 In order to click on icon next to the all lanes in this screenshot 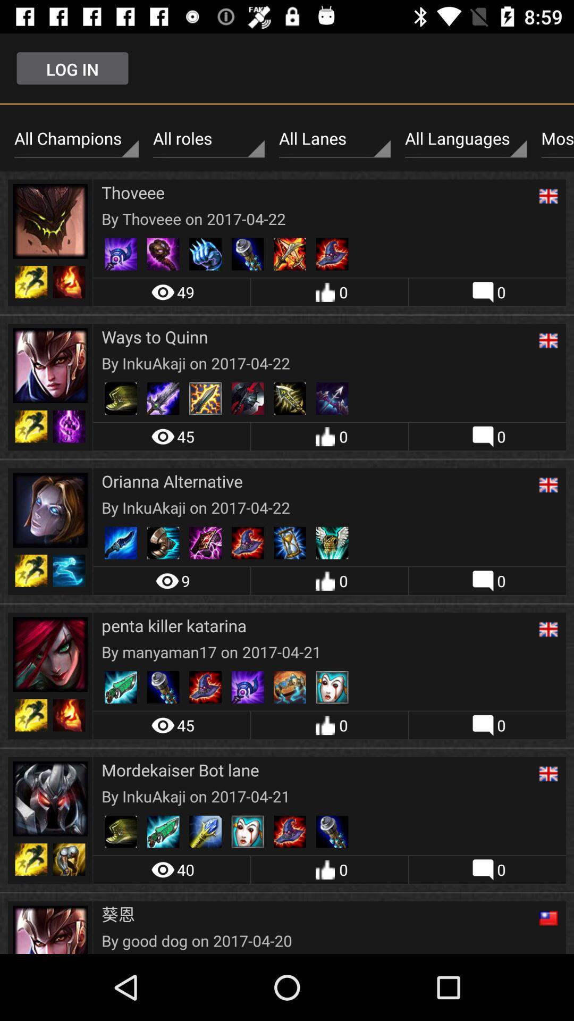, I will do `click(209, 138)`.